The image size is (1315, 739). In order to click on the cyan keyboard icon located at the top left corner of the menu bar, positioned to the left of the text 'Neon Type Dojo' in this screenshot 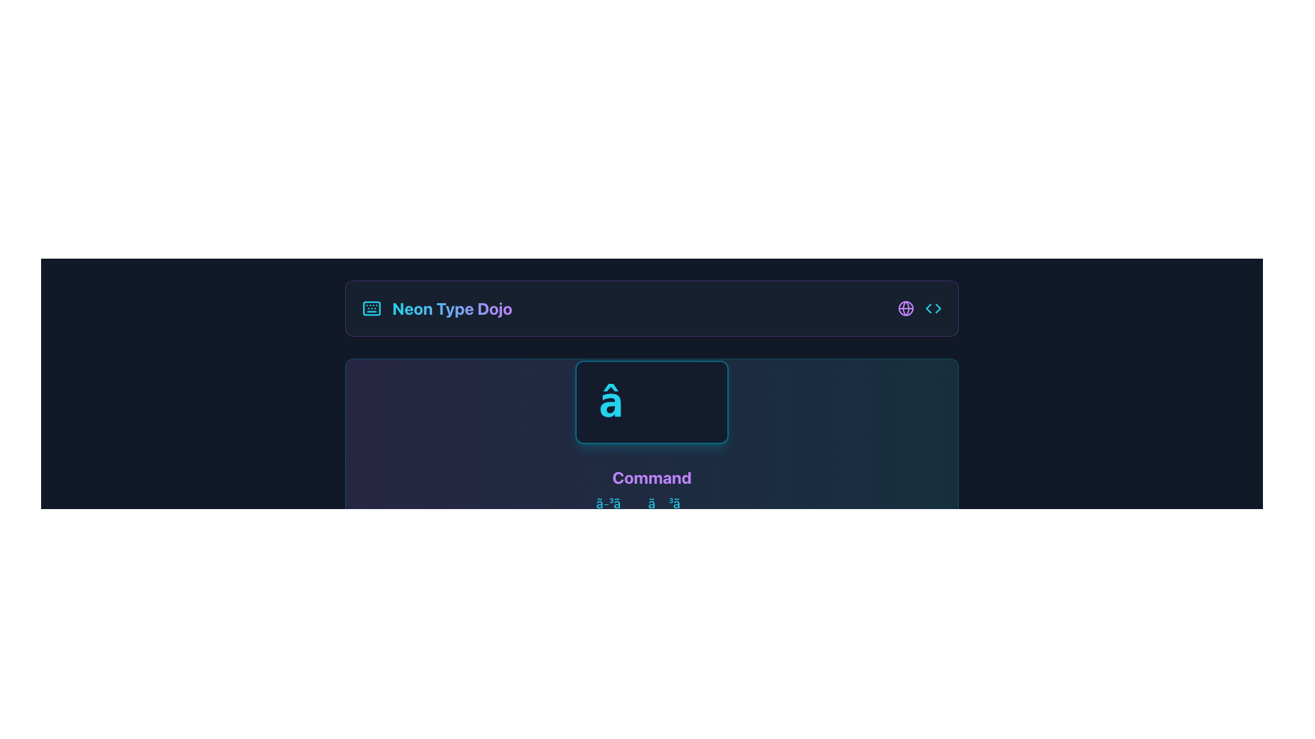, I will do `click(371, 309)`.